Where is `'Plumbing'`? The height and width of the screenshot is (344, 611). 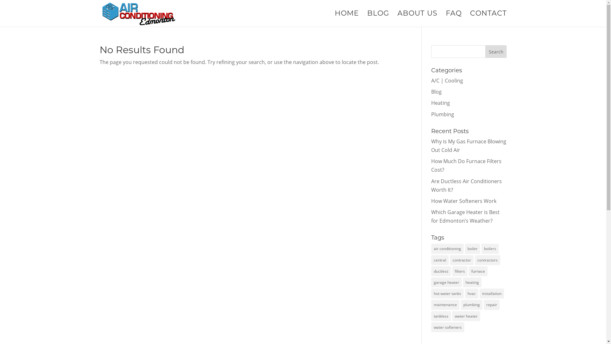 'Plumbing' is located at coordinates (442, 114).